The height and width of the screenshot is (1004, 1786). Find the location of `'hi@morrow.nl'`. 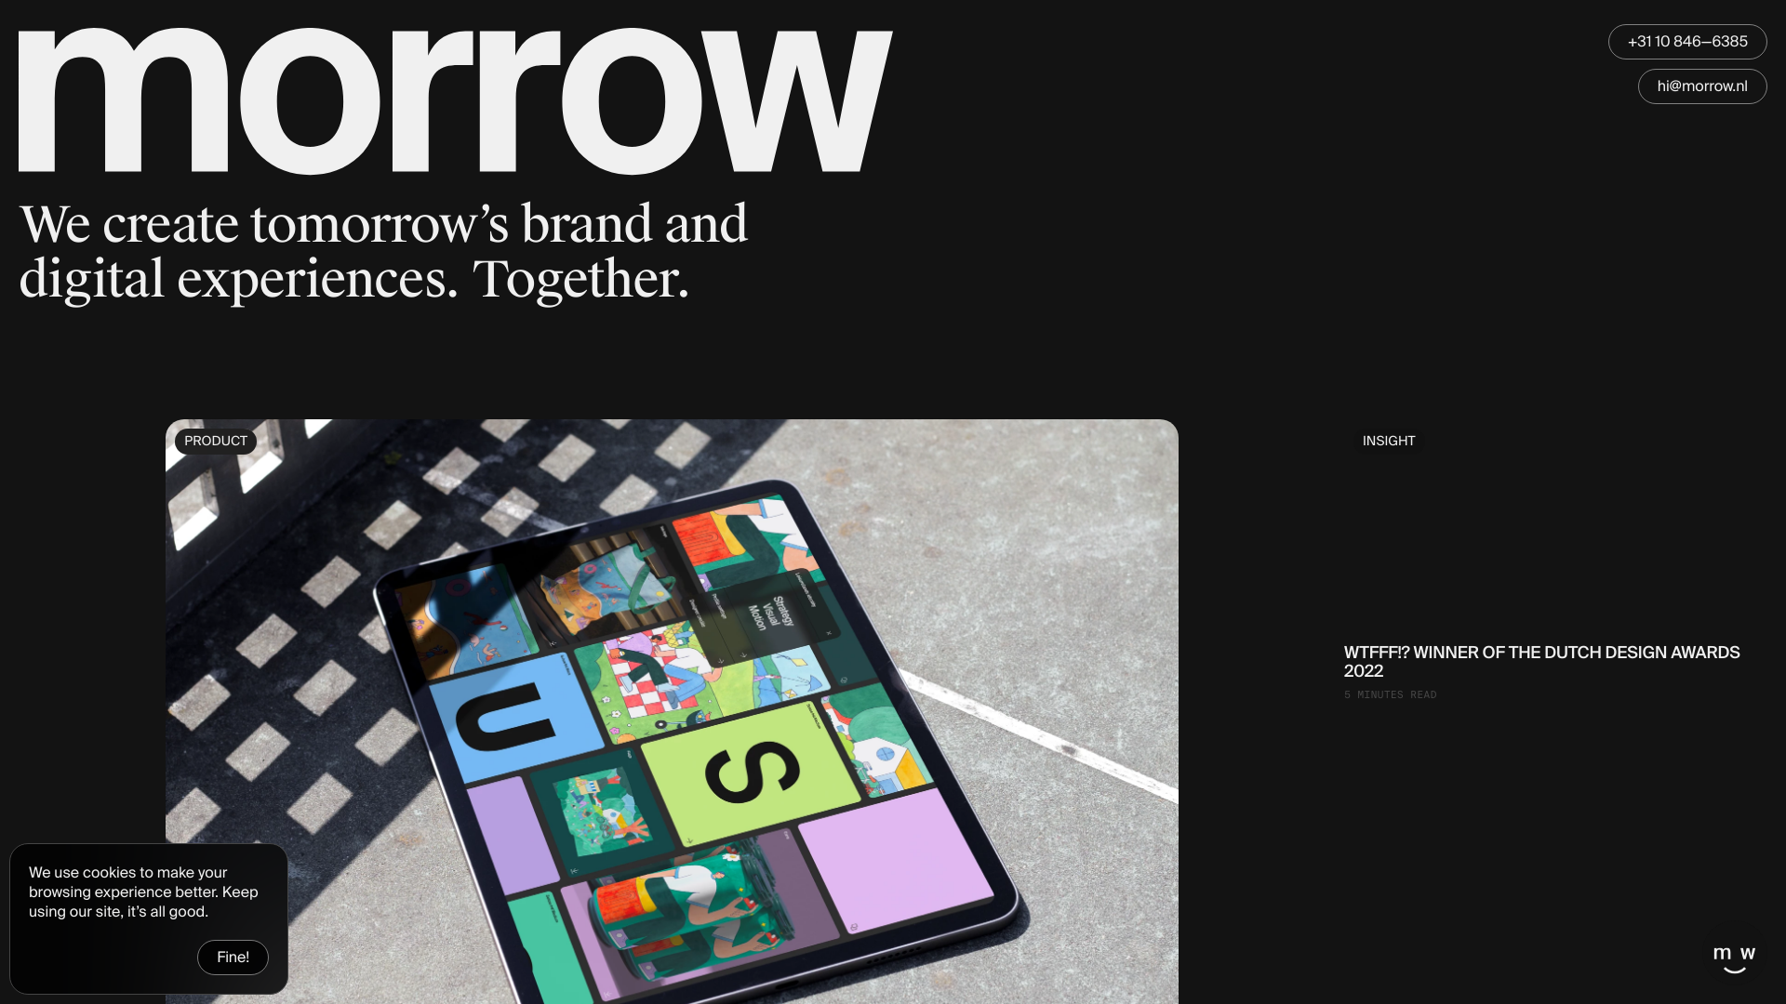

'hi@morrow.nl' is located at coordinates (1702, 86).